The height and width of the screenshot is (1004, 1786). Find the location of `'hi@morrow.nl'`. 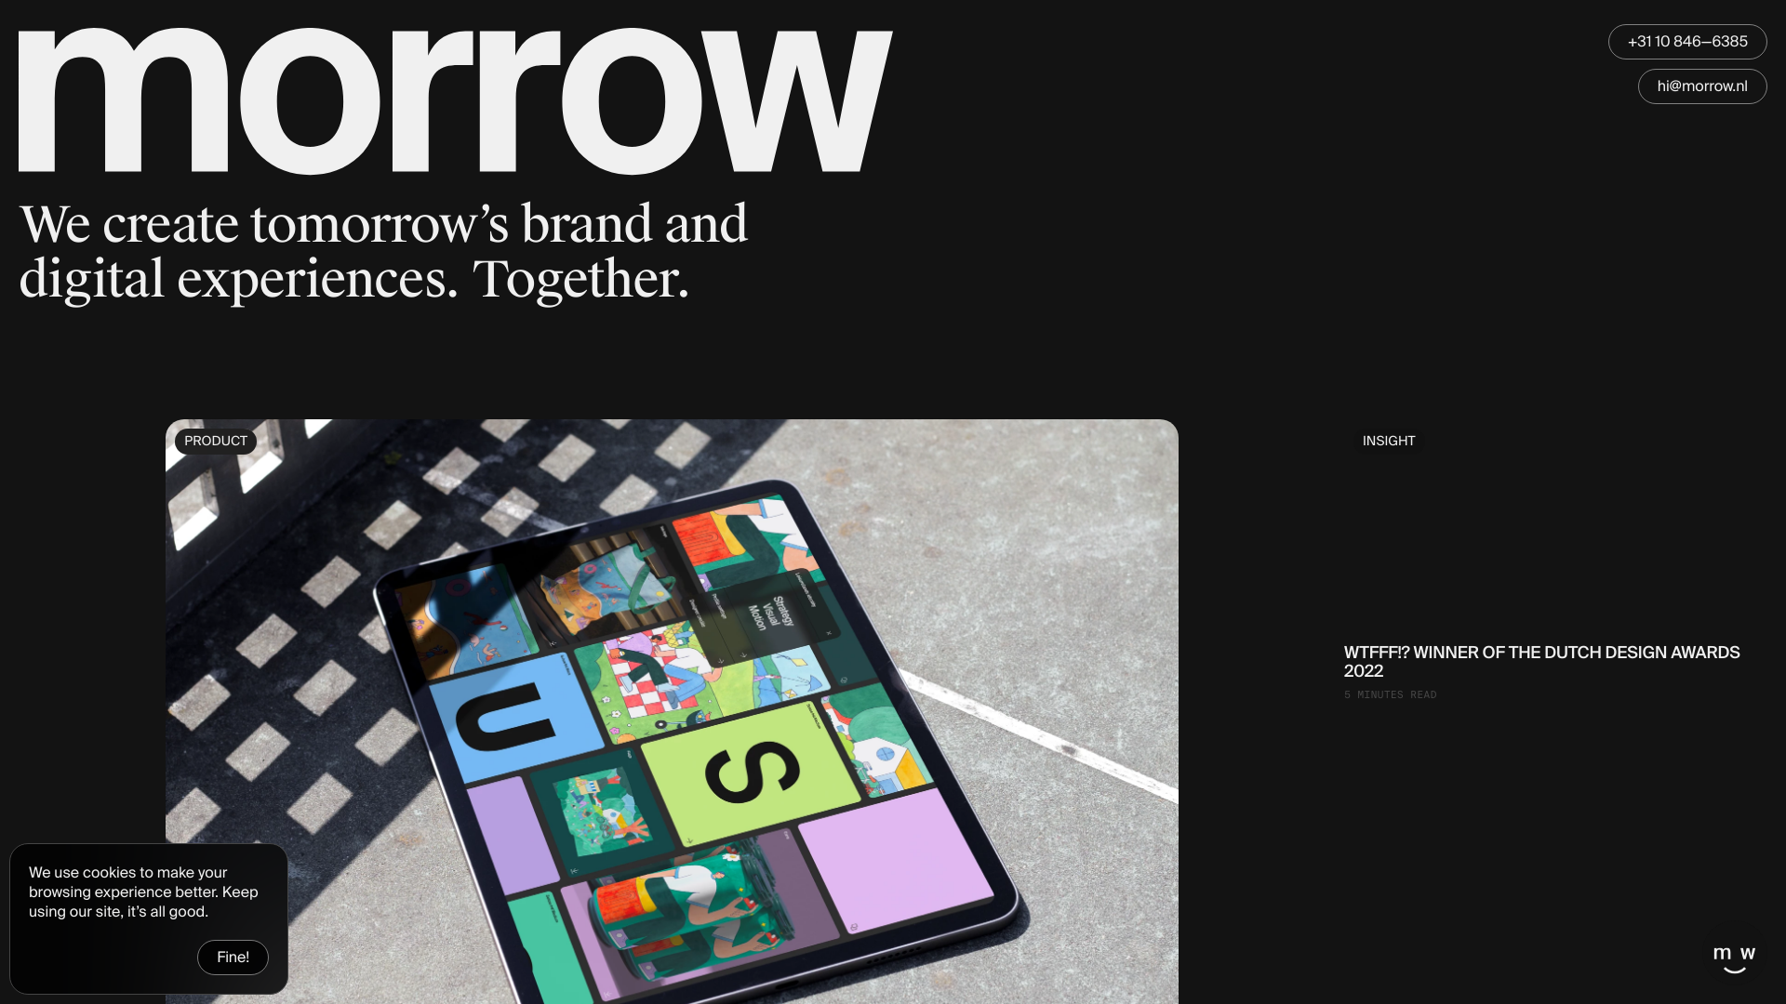

'hi@morrow.nl' is located at coordinates (1702, 86).